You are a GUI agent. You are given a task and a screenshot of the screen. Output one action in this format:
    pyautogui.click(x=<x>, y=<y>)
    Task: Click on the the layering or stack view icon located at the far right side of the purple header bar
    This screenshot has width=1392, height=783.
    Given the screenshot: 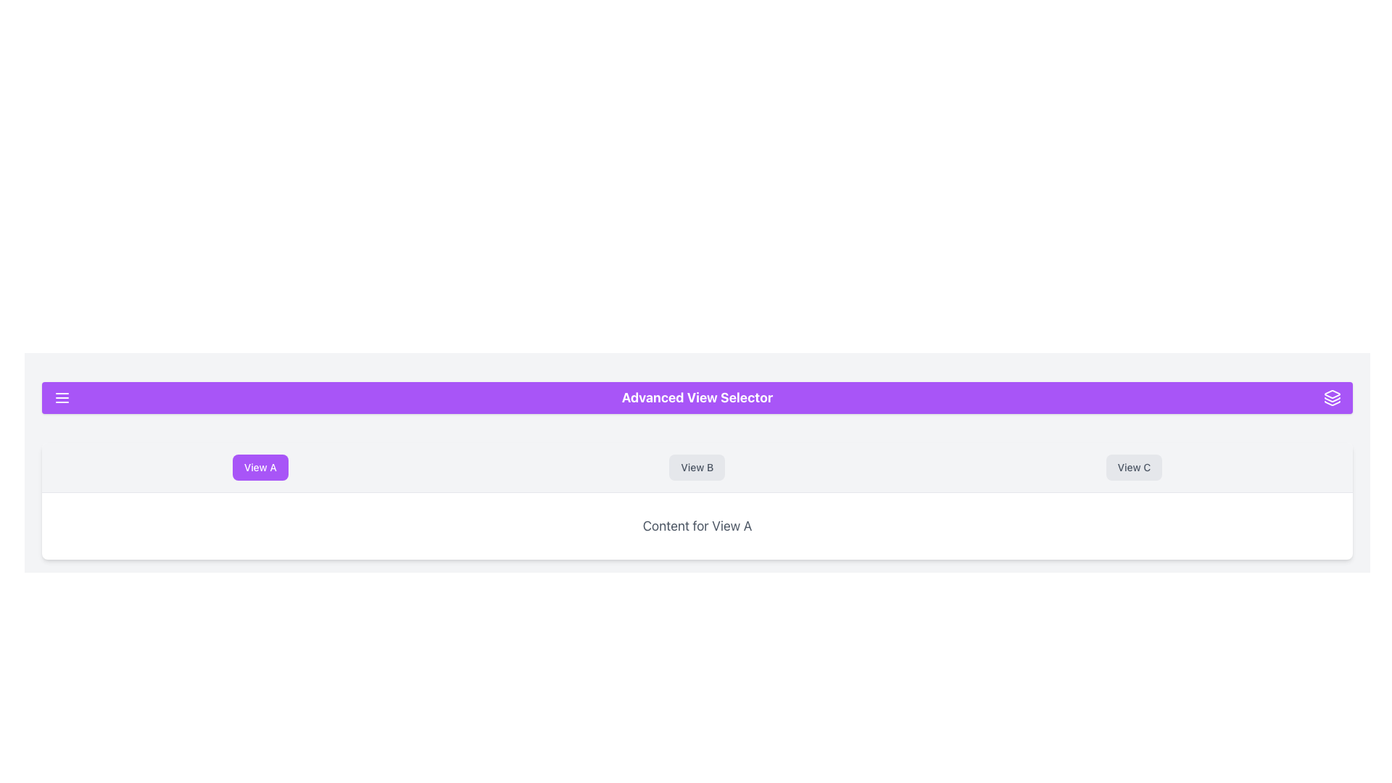 What is the action you would take?
    pyautogui.click(x=1333, y=397)
    